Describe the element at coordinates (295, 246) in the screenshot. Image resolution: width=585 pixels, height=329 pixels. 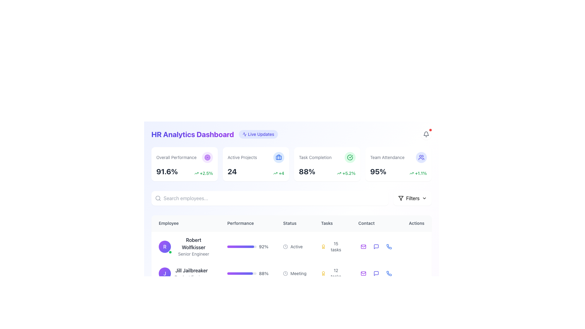
I see `status from the status indicator label for the employee 'Robert Wolfkisser' located in the 4th column of the table` at that location.